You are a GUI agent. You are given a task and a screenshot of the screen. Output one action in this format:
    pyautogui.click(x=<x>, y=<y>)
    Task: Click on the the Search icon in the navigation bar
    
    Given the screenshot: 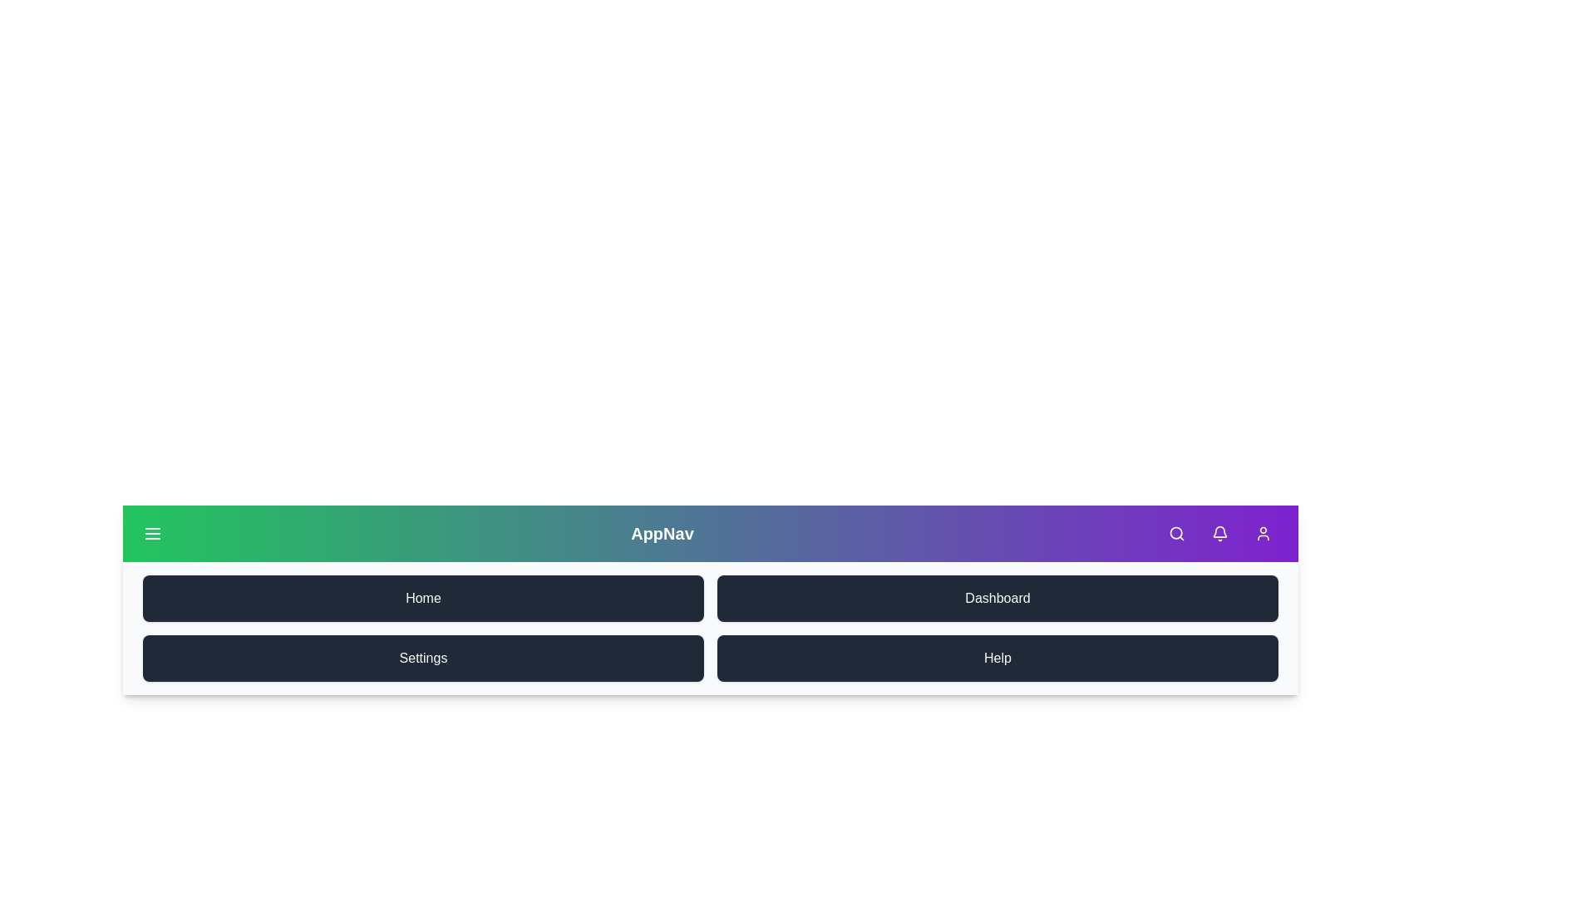 What is the action you would take?
    pyautogui.click(x=1176, y=533)
    